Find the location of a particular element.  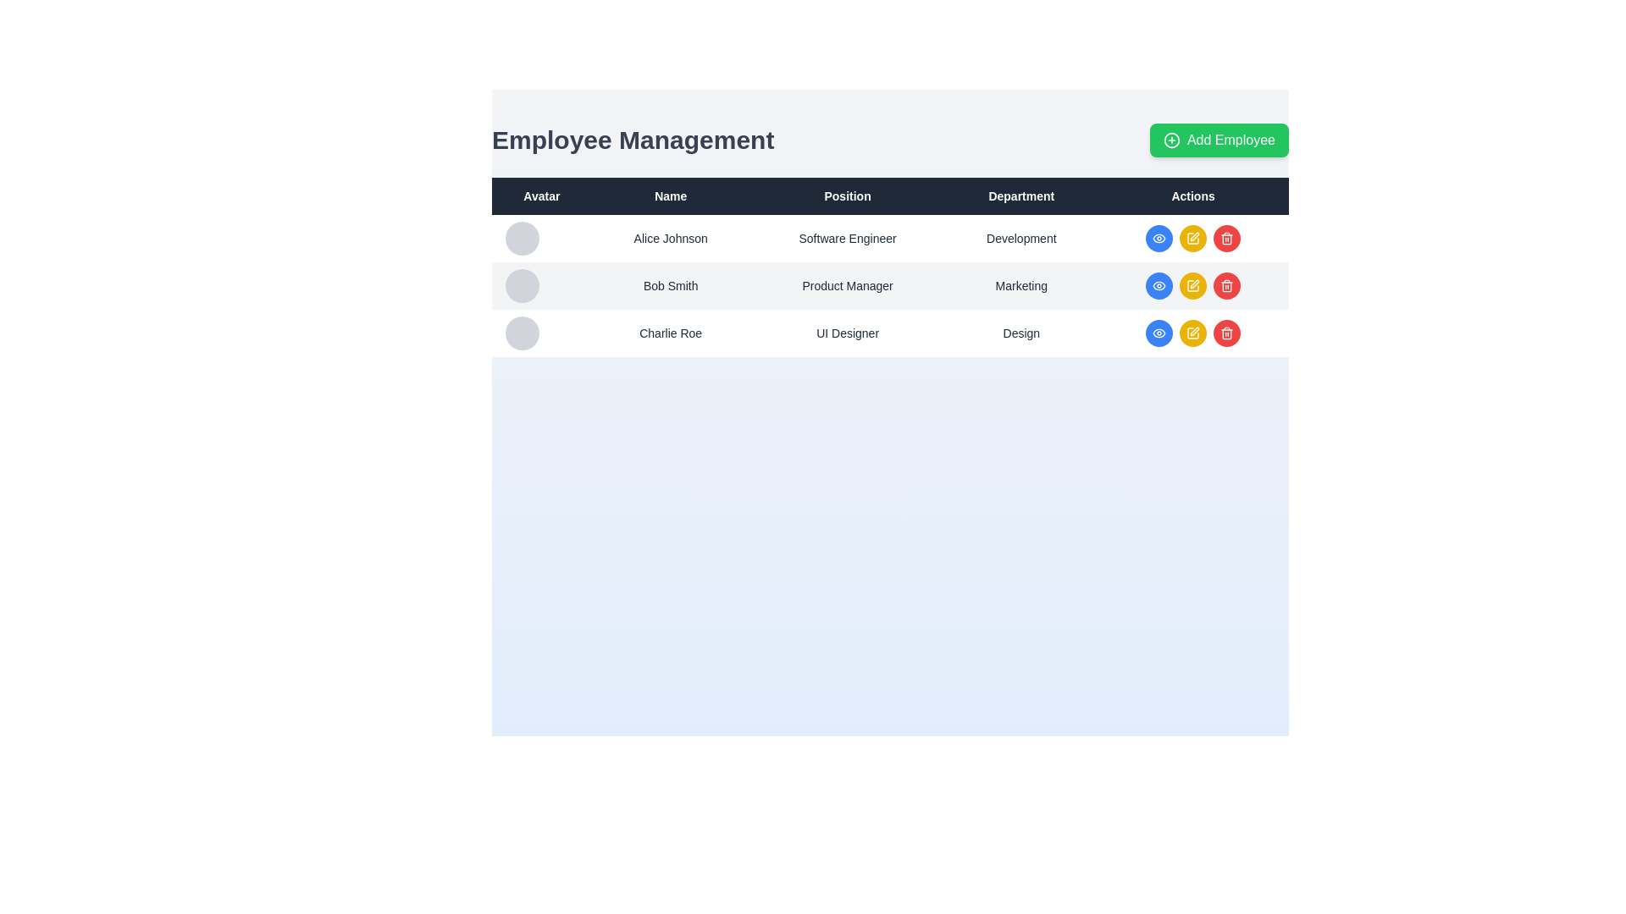

the circular button with a yellow background and white text located in the 'Actions' column for the row corresponding to 'Alice Johnson' to initiate the edit action is located at coordinates (1192, 238).